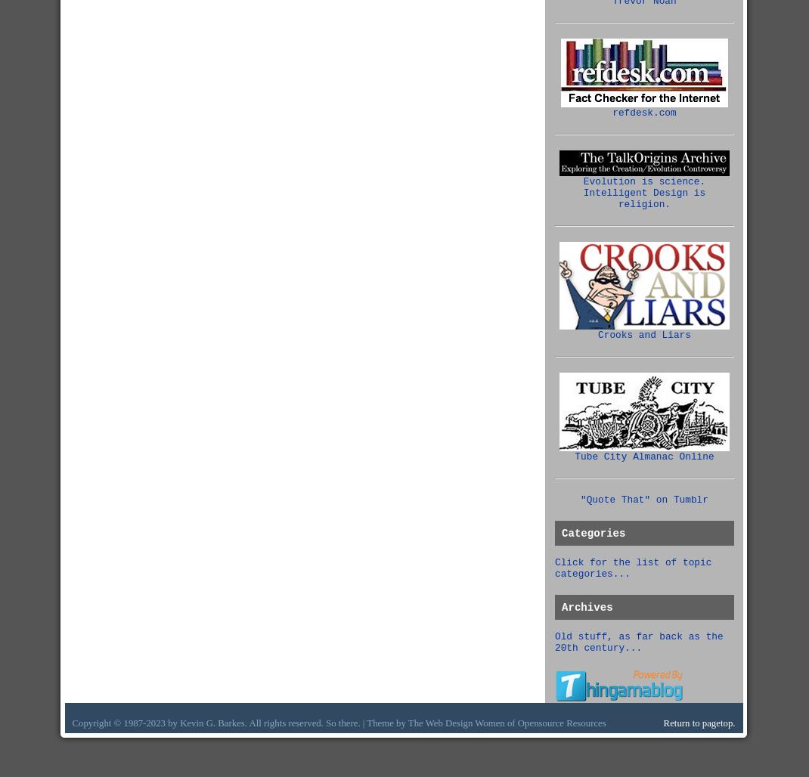  I want to click on 'Categories', so click(592, 534).